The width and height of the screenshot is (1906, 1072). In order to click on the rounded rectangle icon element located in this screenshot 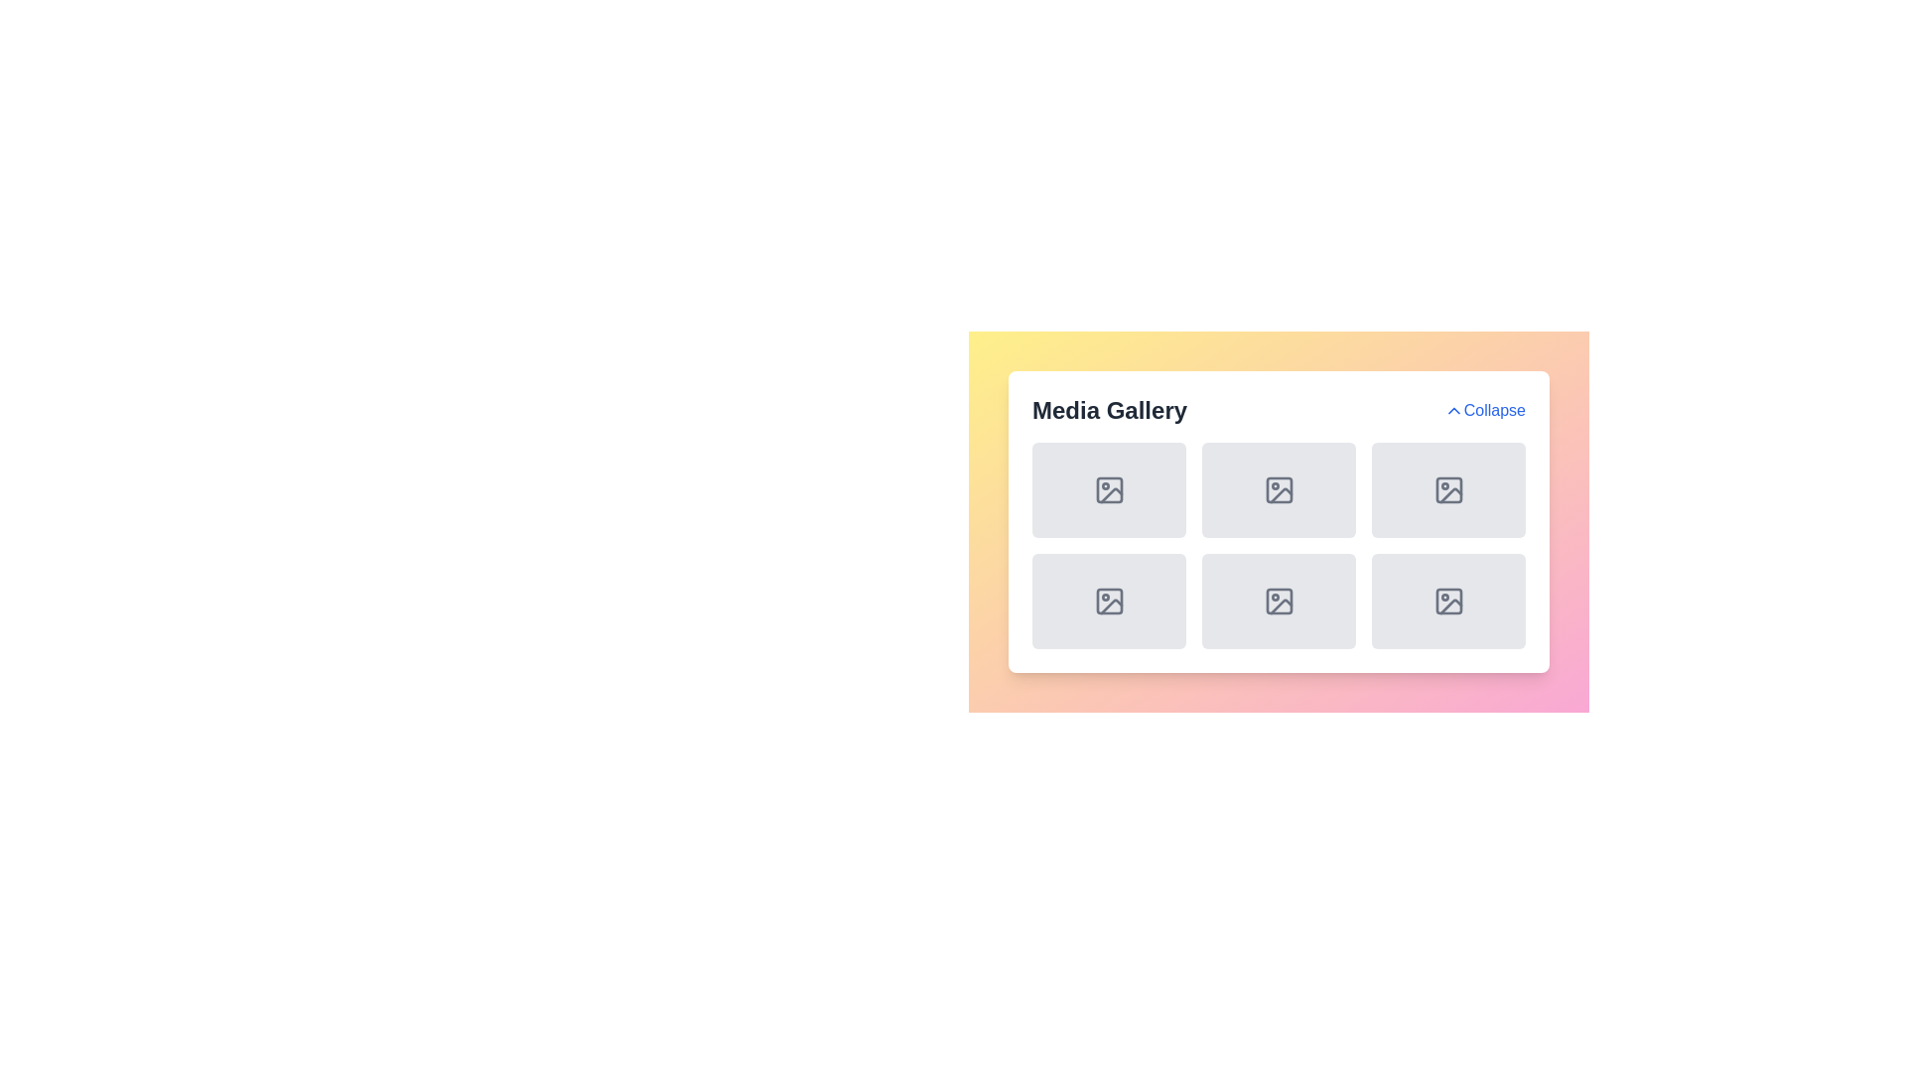, I will do `click(1108, 600)`.